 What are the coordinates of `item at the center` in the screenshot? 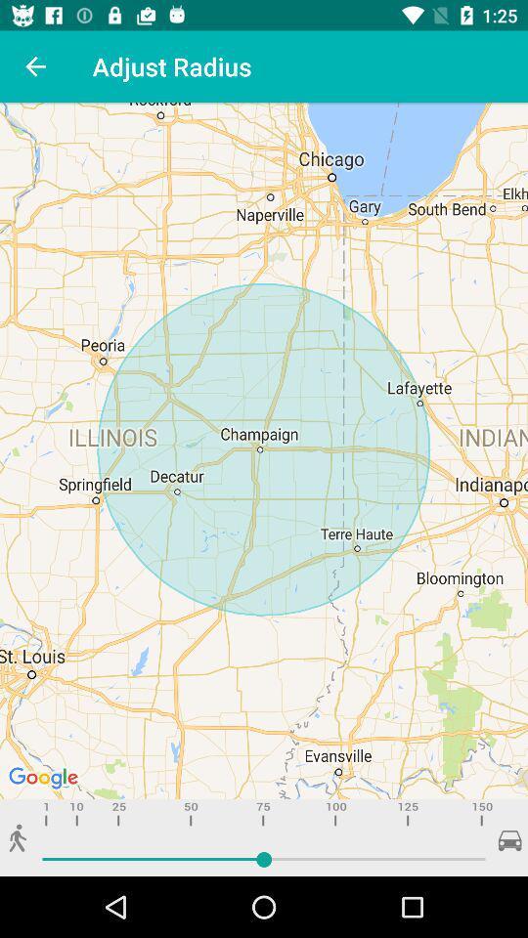 It's located at (264, 450).